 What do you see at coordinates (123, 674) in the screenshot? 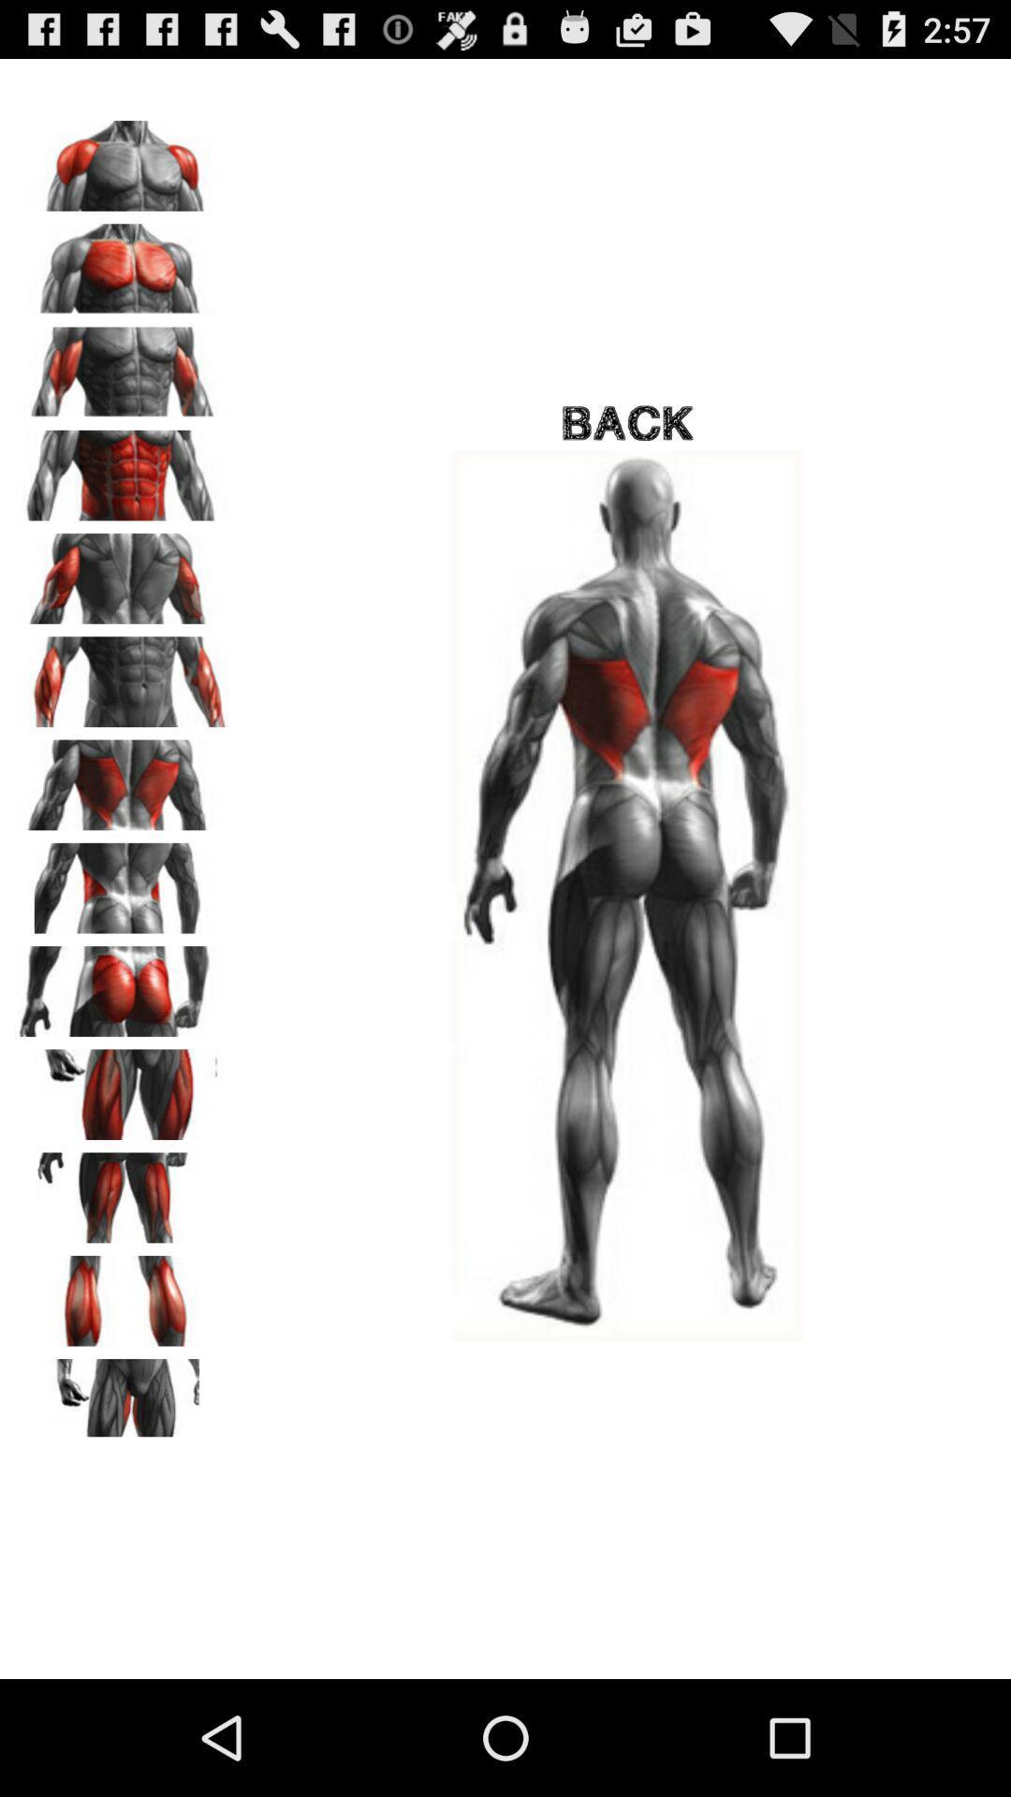
I see `choose triceps muscles` at bounding box center [123, 674].